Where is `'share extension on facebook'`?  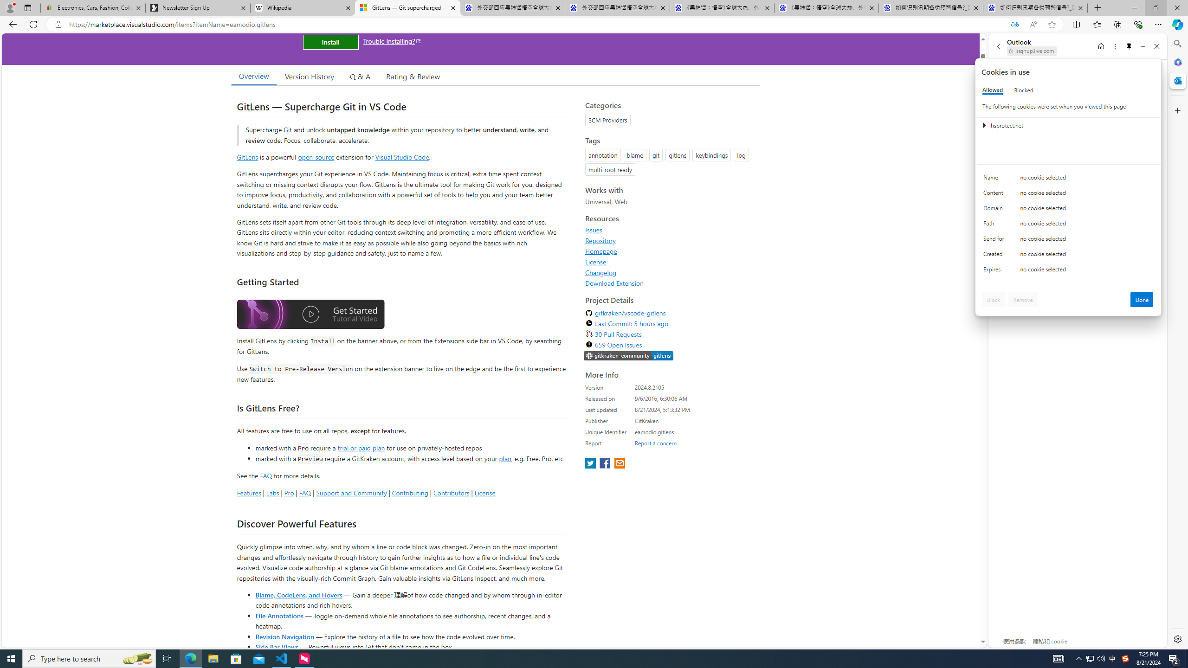
'share extension on facebook' is located at coordinates (605, 463).